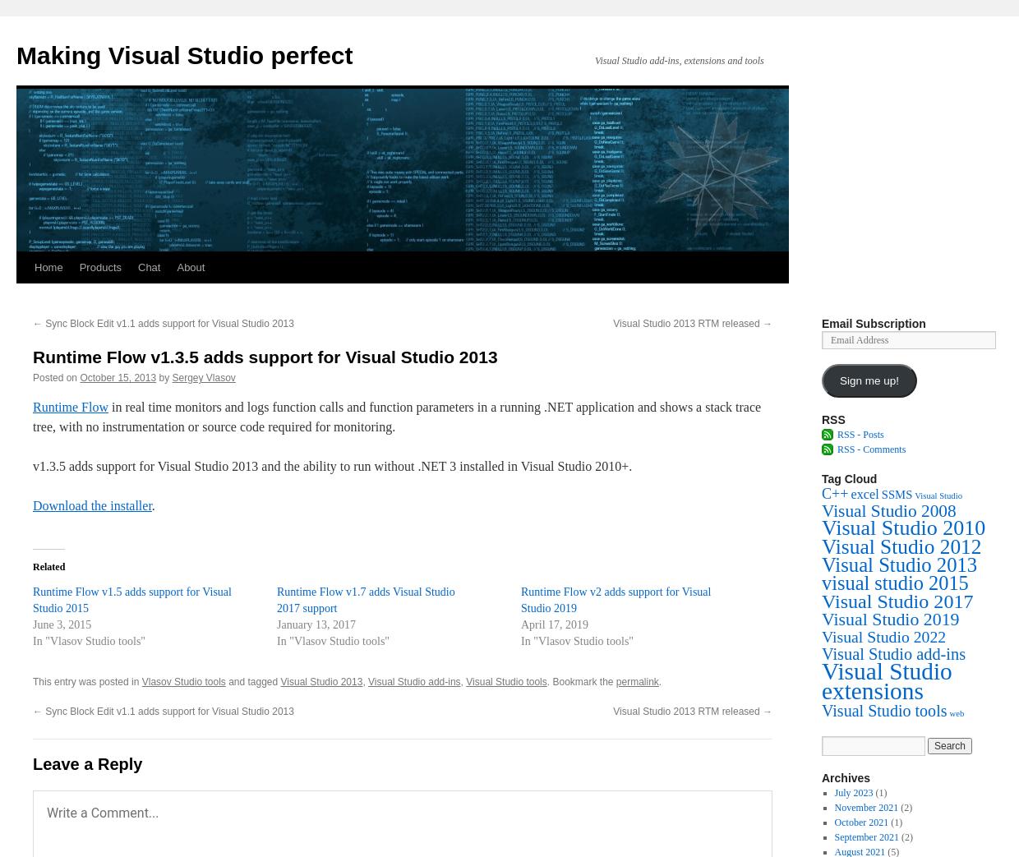  I want to click on 'Visual Studio 2012', so click(901, 546).